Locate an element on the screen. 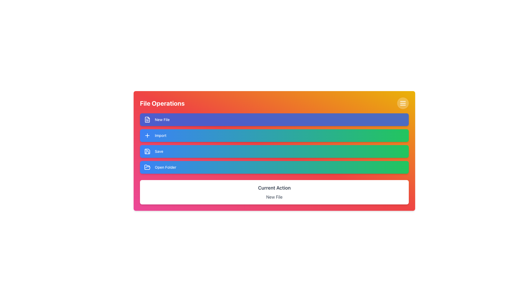 Image resolution: width=509 pixels, height=286 pixels. the icon resembling an open folder, which is part of the 'Open Folder' action button located in the 'File Operations' section is located at coordinates (147, 167).